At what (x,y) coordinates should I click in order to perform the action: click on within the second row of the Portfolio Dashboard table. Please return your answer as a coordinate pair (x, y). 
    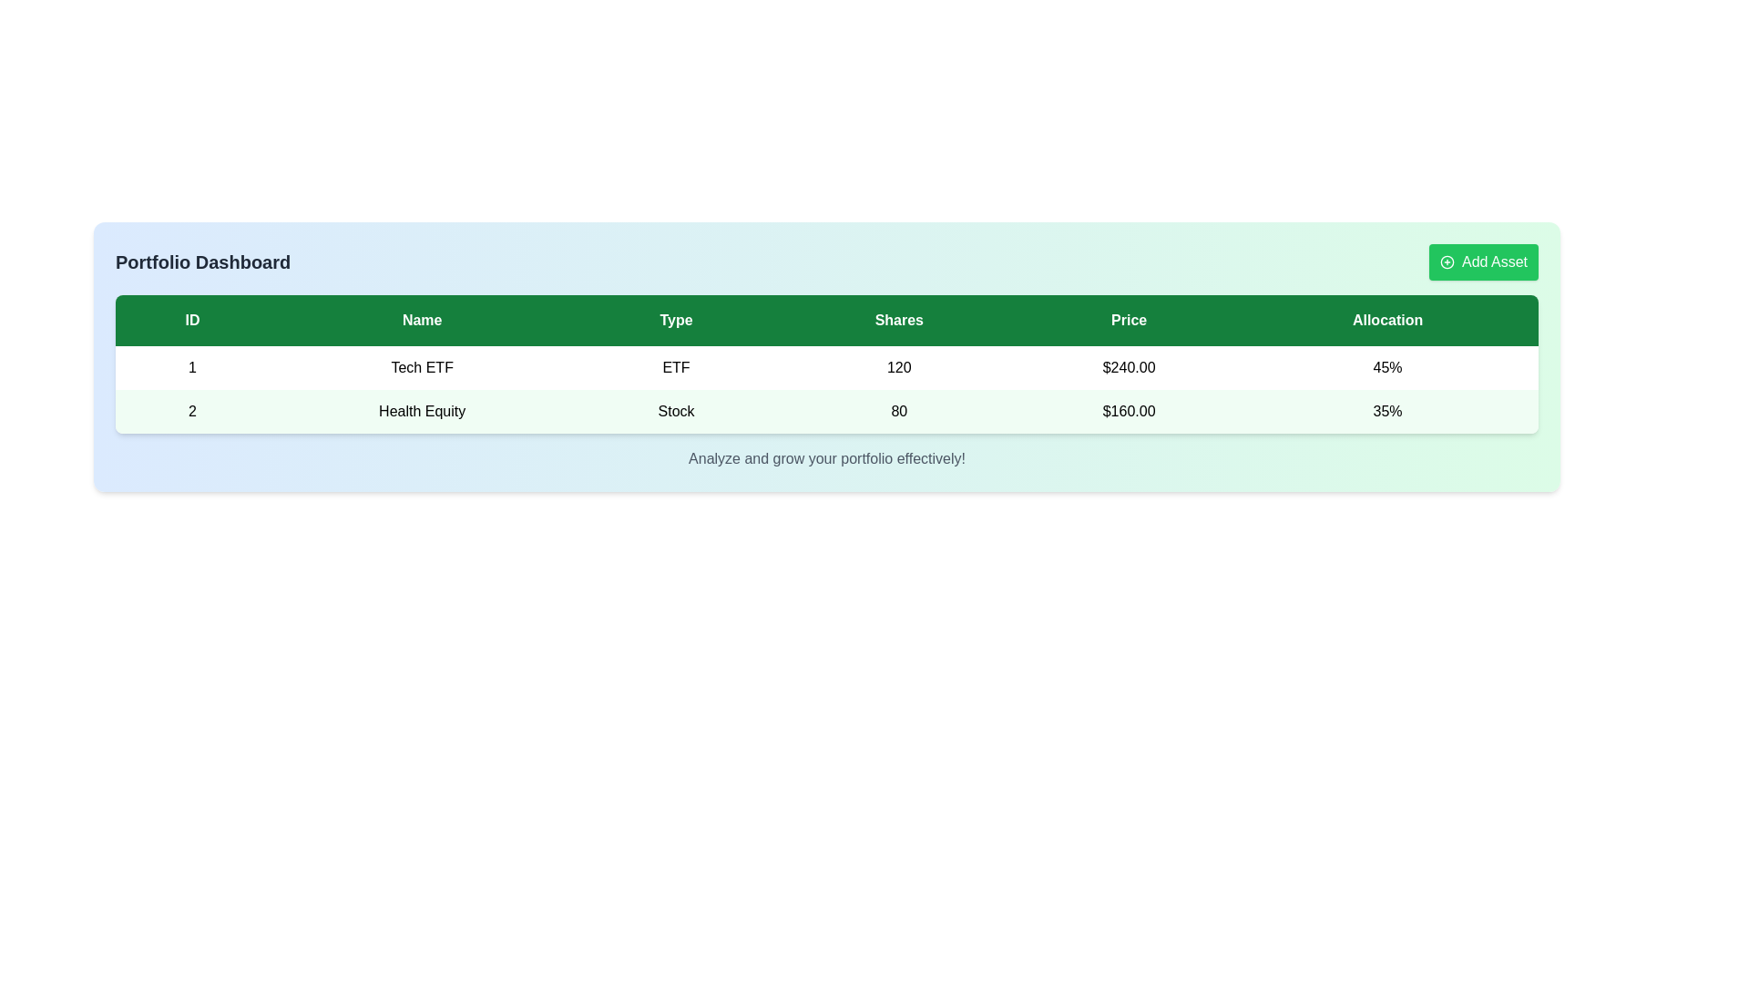
    Looking at the image, I should click on (825, 411).